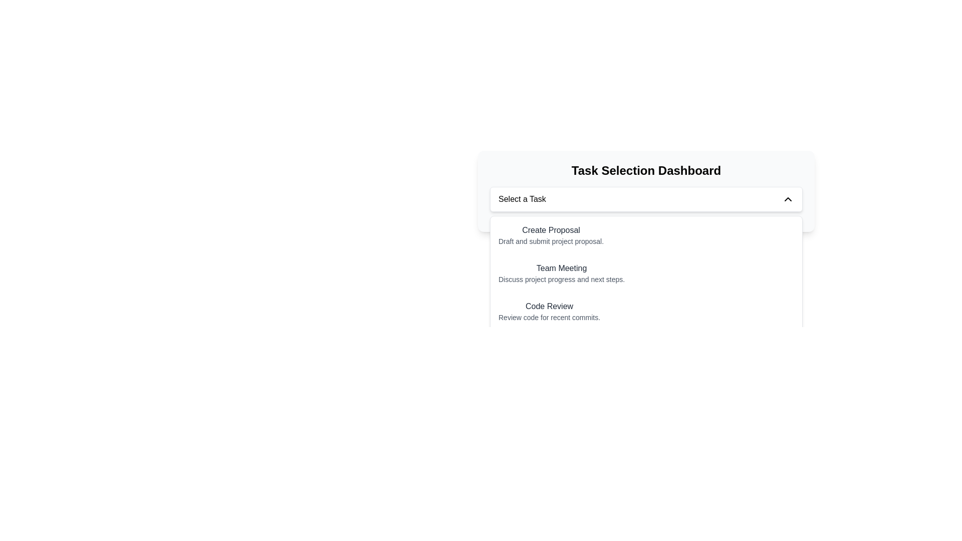 The height and width of the screenshot is (541, 962). Describe the element at coordinates (646, 235) in the screenshot. I see `the 'Create Proposal' menu item, which is the first option in a vertical list styled with a white background and containing the title 'Create Proposal' and subtitle 'Draft and submit project proposal.'` at that location.